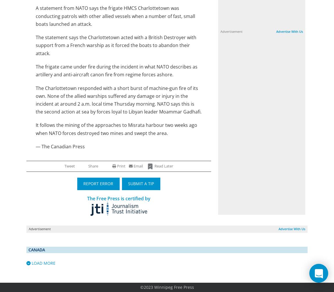 The image size is (334, 292). I want to click on 'Report Error', so click(98, 183).